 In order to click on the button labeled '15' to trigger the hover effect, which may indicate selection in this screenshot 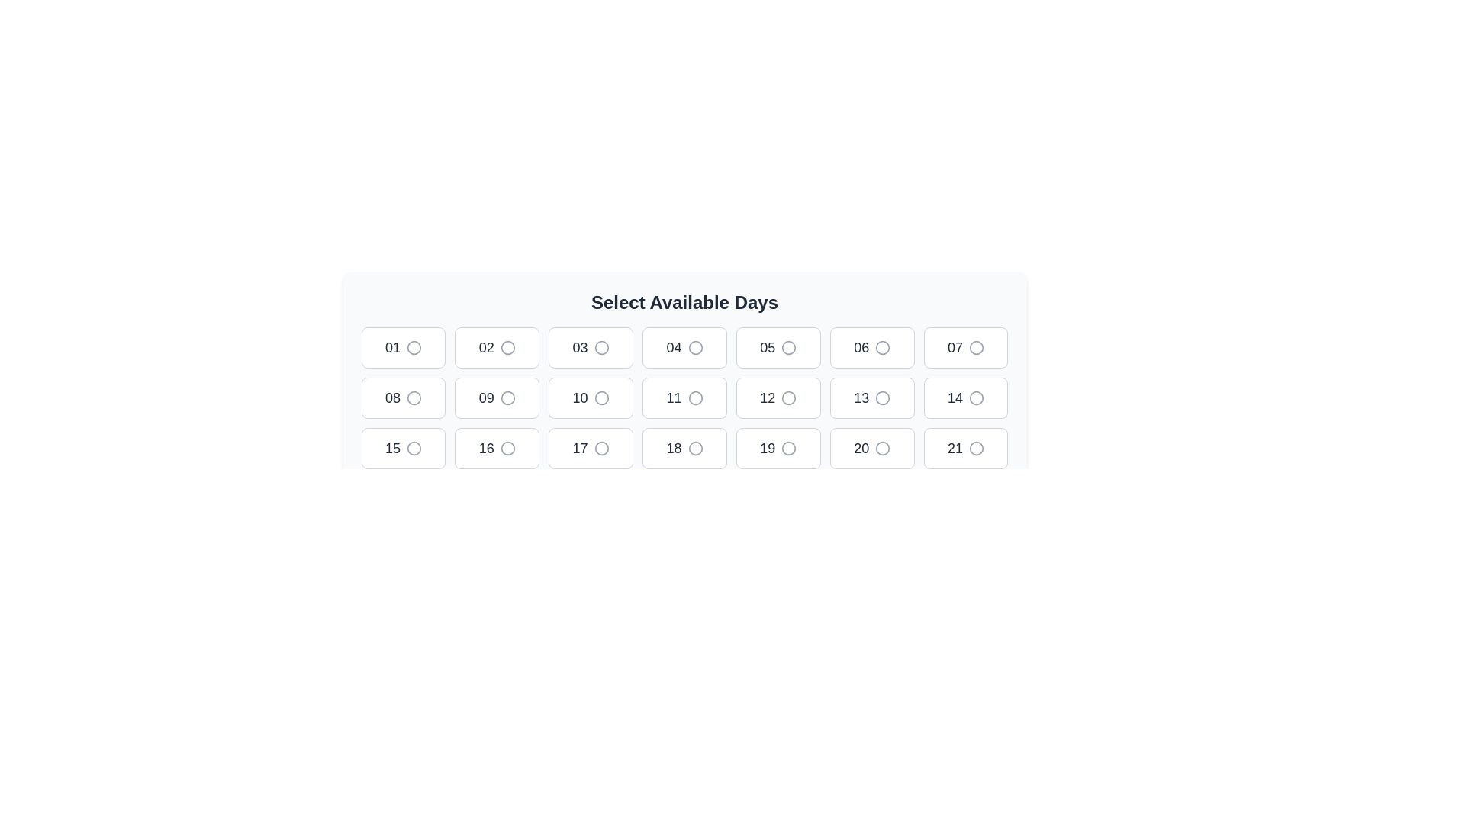, I will do `click(403, 447)`.